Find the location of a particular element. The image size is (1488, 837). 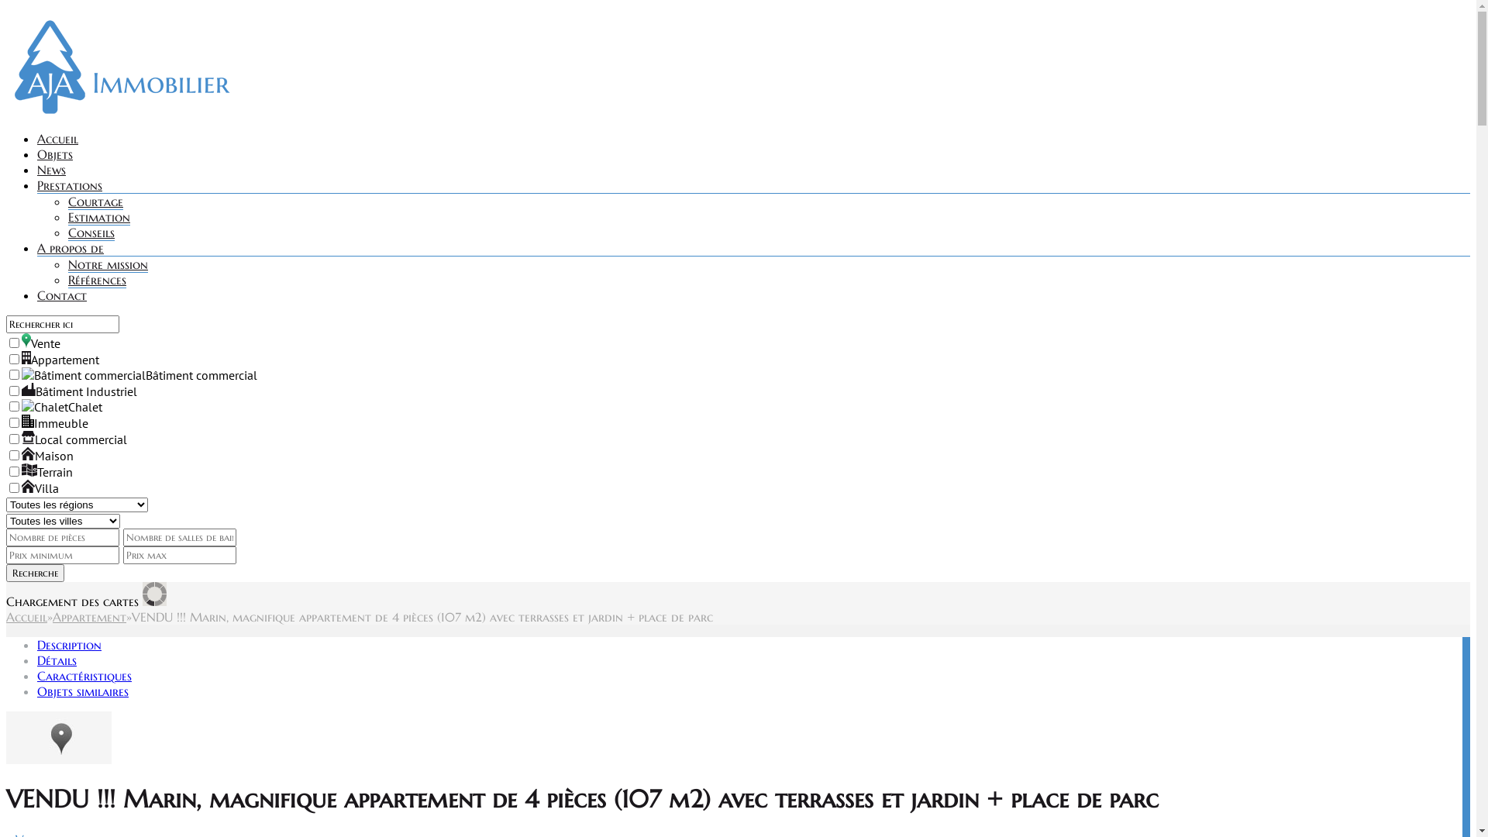

'A propos de' is located at coordinates (70, 247).